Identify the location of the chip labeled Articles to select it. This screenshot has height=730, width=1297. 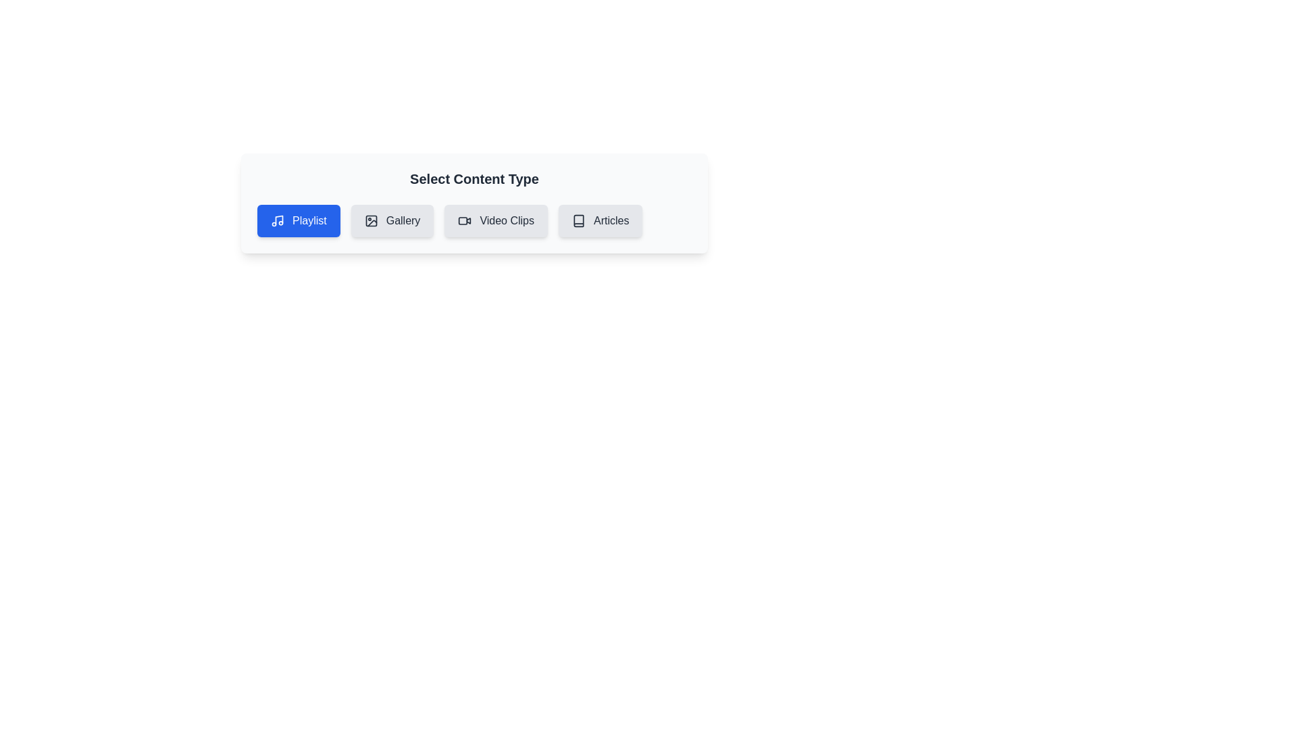
(599, 220).